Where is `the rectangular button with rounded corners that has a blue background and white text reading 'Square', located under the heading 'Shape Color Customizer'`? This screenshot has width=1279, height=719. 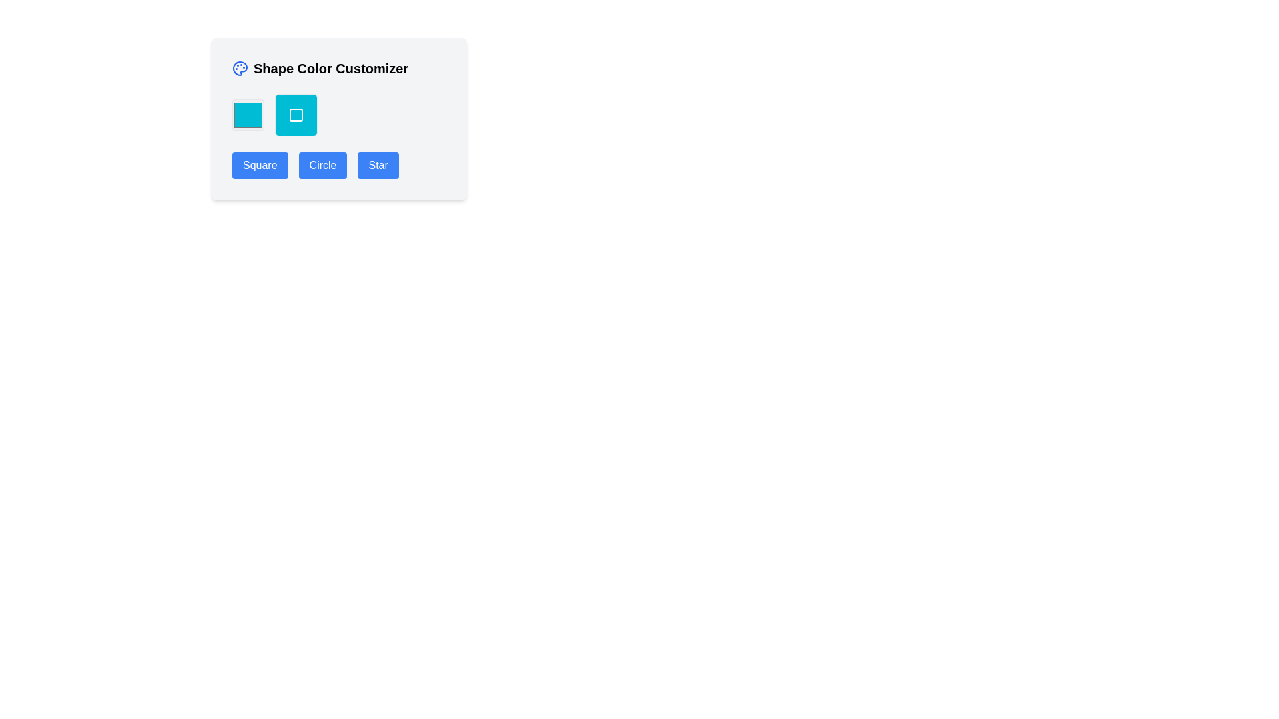 the rectangular button with rounded corners that has a blue background and white text reading 'Square', located under the heading 'Shape Color Customizer' is located at coordinates (260, 165).